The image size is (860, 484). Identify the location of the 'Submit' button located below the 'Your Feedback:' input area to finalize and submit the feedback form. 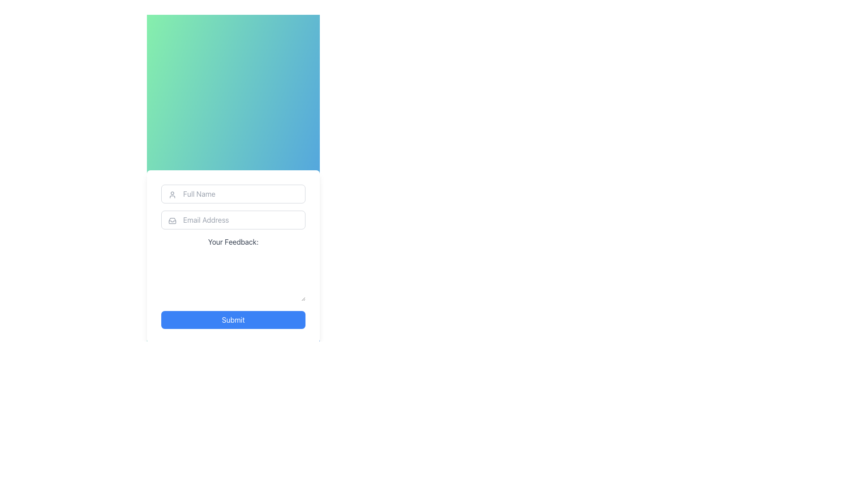
(233, 319).